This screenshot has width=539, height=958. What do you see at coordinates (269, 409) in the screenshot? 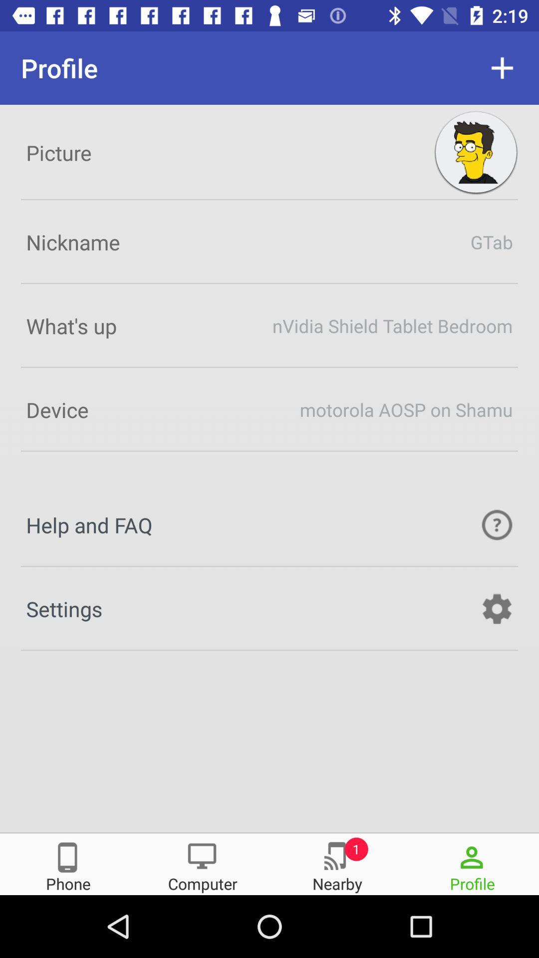
I see `the 4th line` at bounding box center [269, 409].